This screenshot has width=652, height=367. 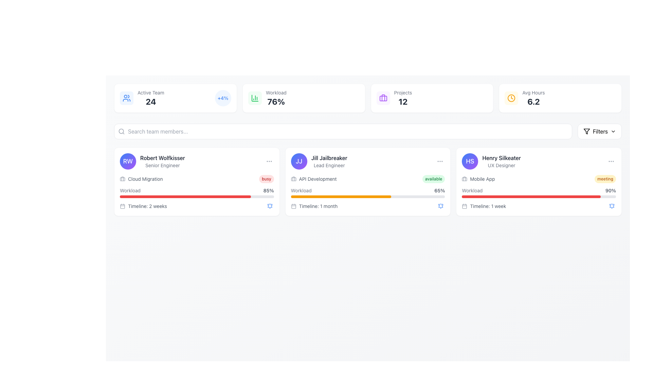 What do you see at coordinates (539, 206) in the screenshot?
I see `informational row indicating a duration of 1 week for the task associated with Henry Silkeater, UX Designer, located below the workload progress bar` at bounding box center [539, 206].